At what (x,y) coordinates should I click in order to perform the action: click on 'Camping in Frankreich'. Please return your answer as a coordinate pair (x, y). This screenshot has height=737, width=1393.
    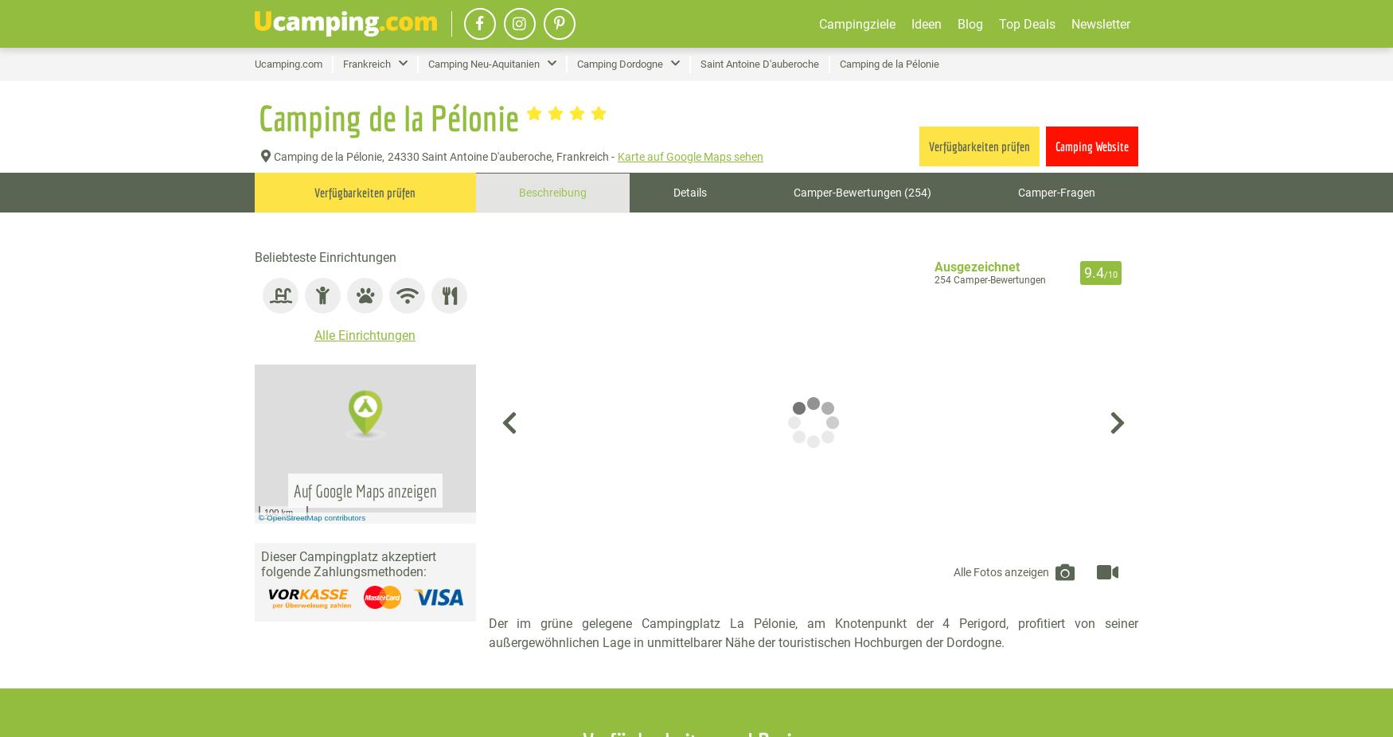
    Looking at the image, I should click on (662, 84).